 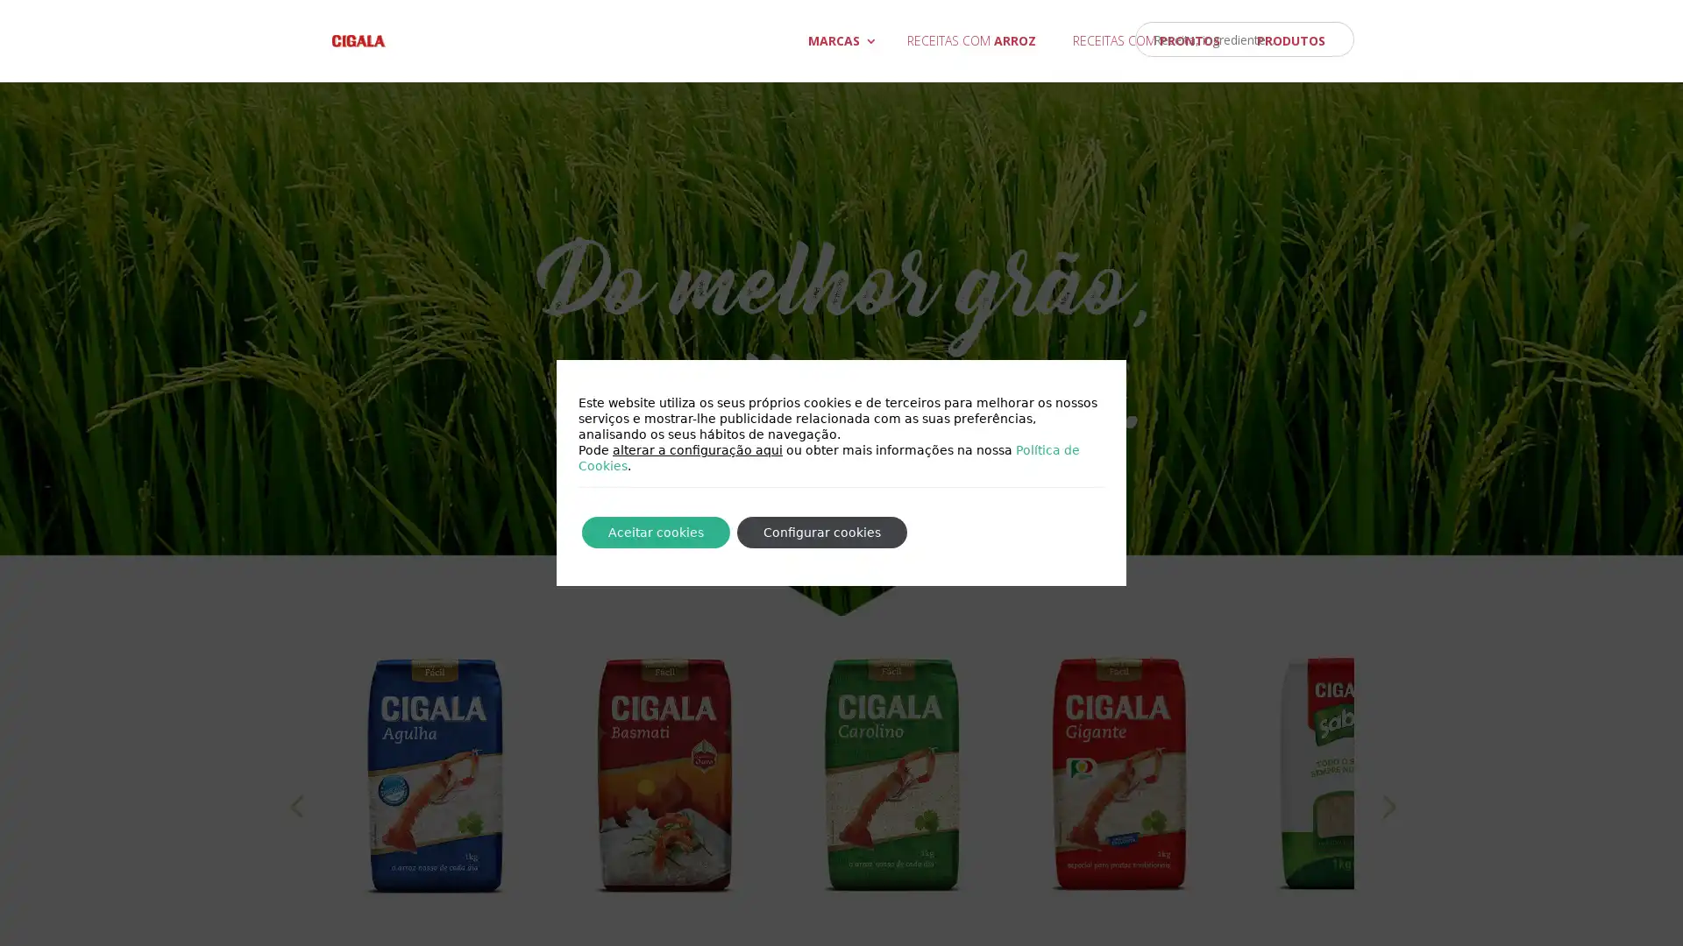 I want to click on Aceitar cookies, so click(x=655, y=532).